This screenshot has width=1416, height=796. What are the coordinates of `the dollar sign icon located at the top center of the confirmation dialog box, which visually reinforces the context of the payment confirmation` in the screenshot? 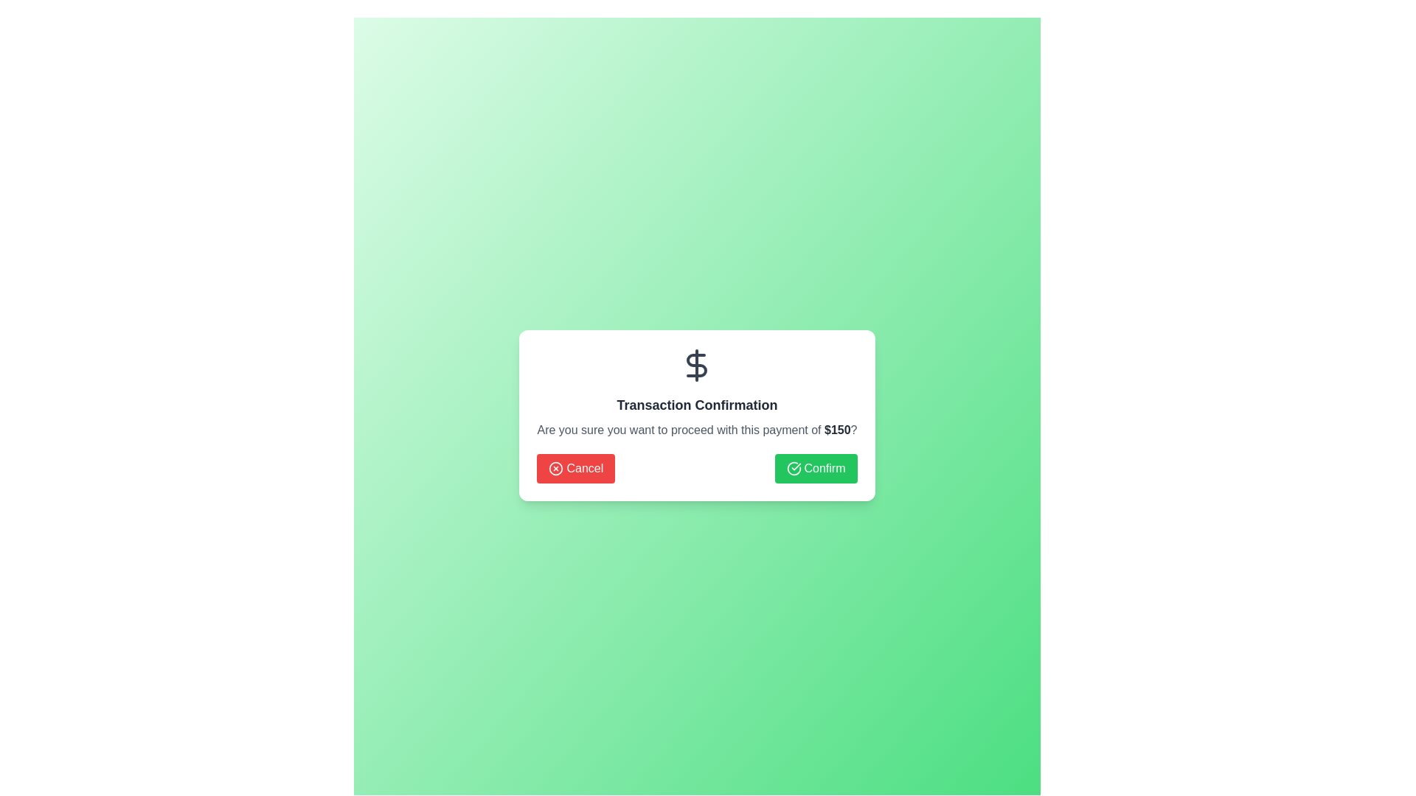 It's located at (696, 365).